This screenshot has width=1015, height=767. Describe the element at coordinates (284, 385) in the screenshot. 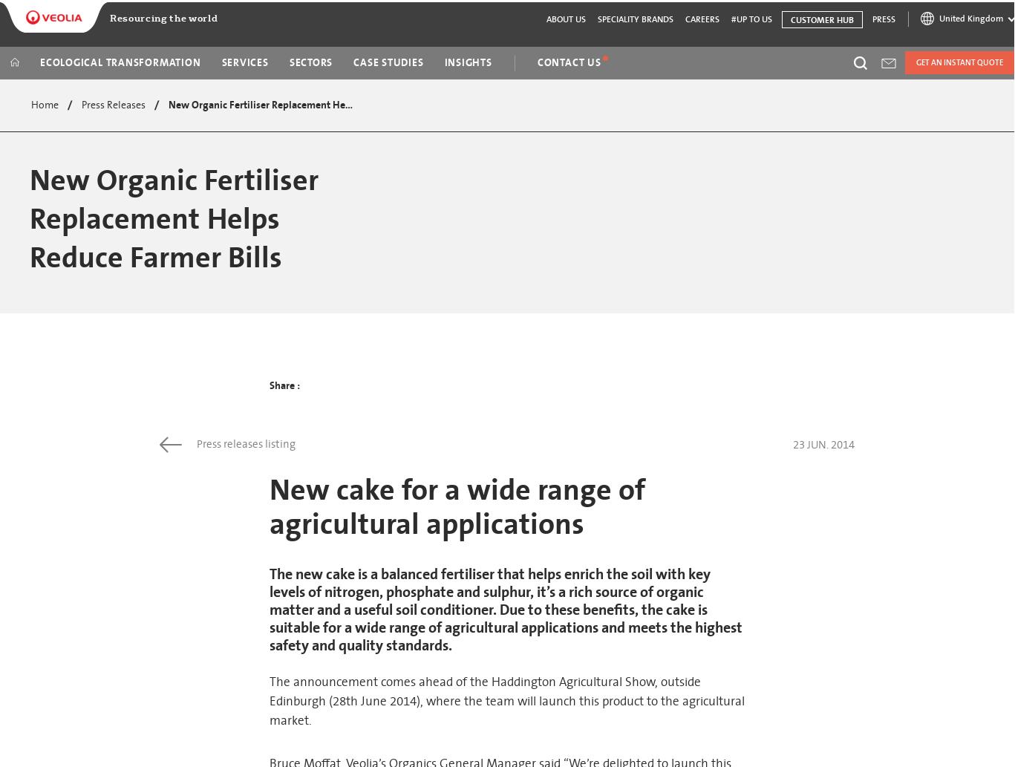

I see `'Share :'` at that location.